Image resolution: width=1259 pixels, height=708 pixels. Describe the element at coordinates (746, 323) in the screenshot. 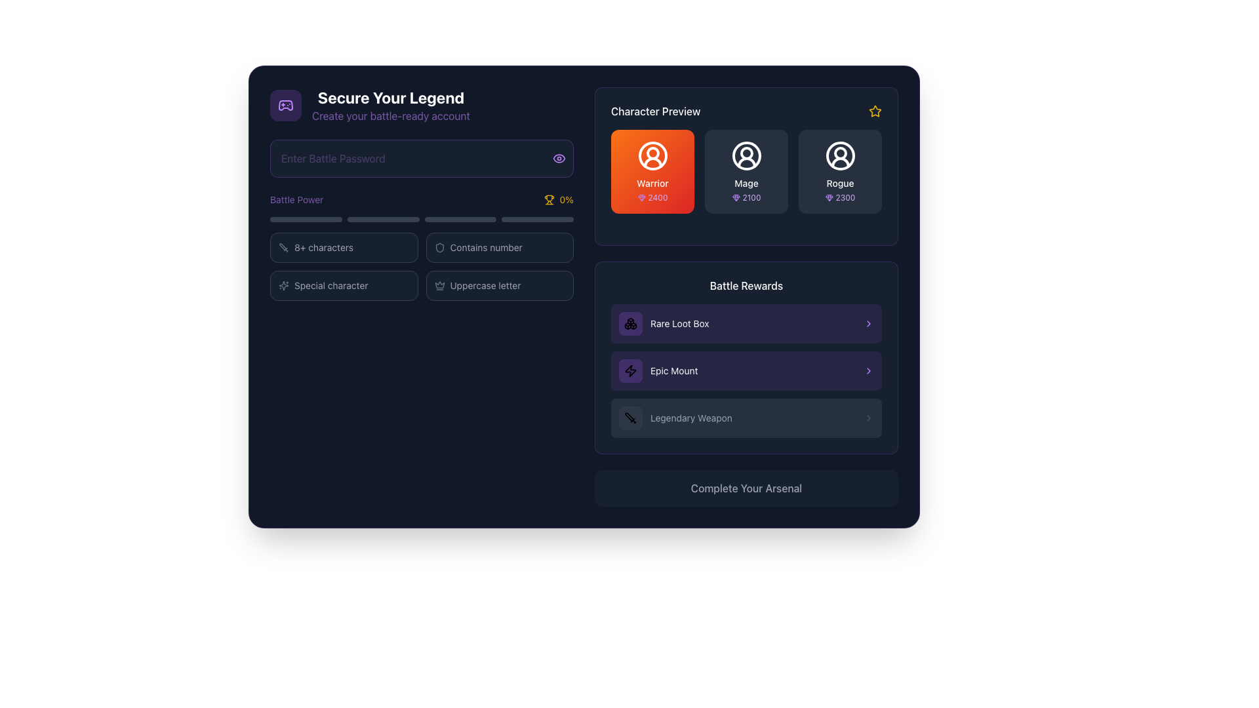

I see `the first selectable list item in the 'Battle Rewards' section` at that location.